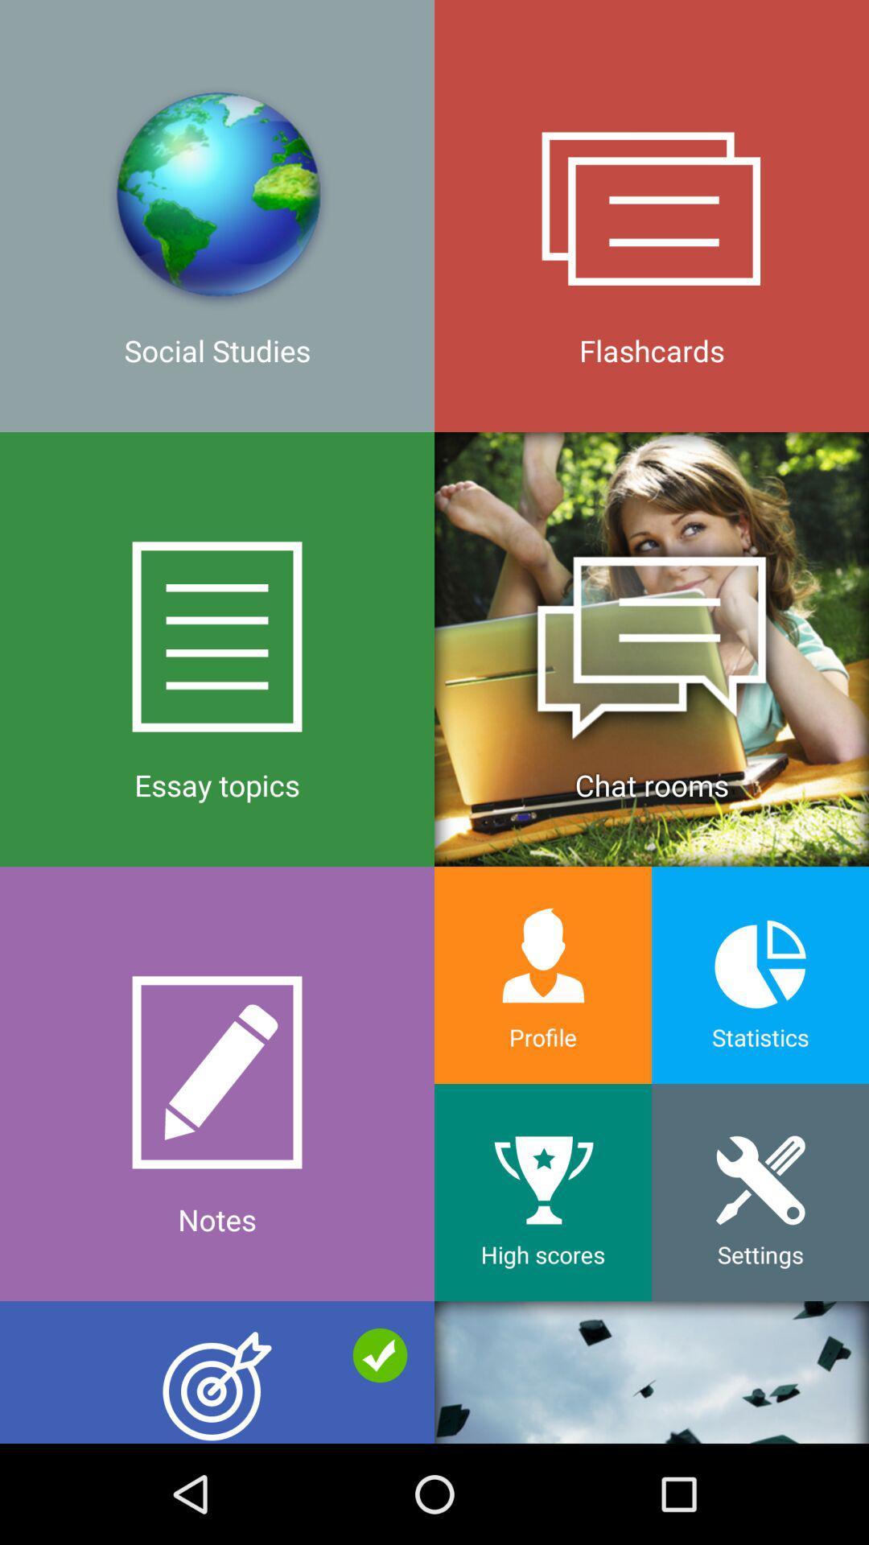 This screenshot has height=1545, width=869. Describe the element at coordinates (543, 1193) in the screenshot. I see `the icon to the right of the notes` at that location.